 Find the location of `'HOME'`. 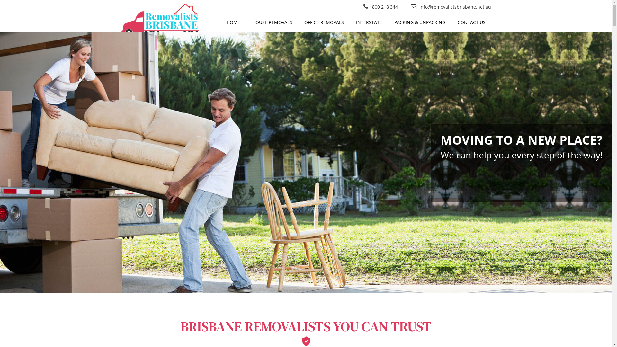

'HOME' is located at coordinates (221, 22).